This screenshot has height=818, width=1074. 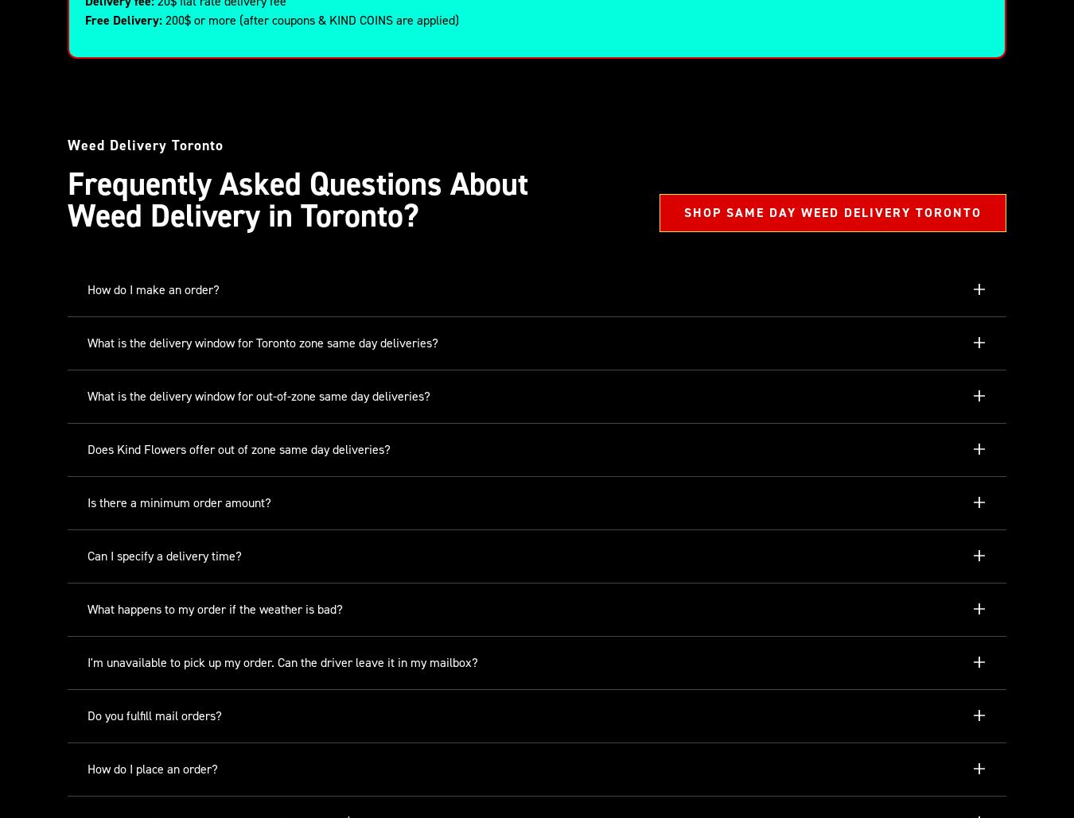 I want to click on 'Do you fulfill mail orders?', so click(x=87, y=715).